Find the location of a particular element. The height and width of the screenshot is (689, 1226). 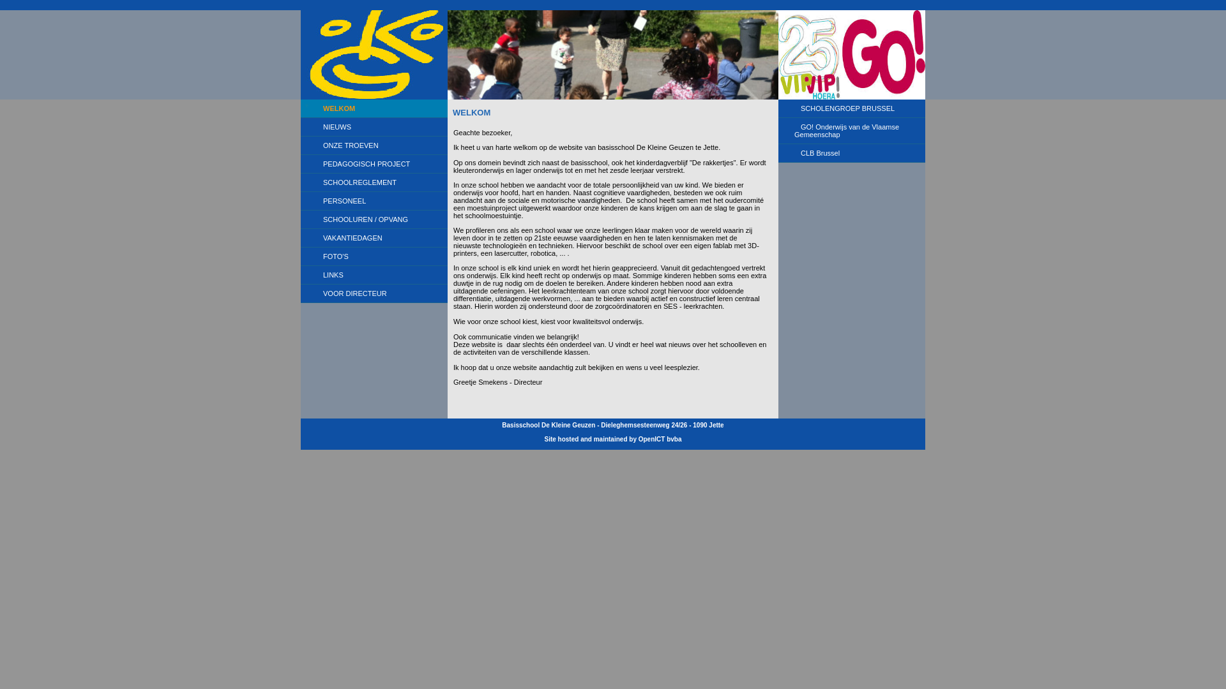

'GO! Onderwijs van de Vlaamse Gemeenschap' is located at coordinates (778, 131).